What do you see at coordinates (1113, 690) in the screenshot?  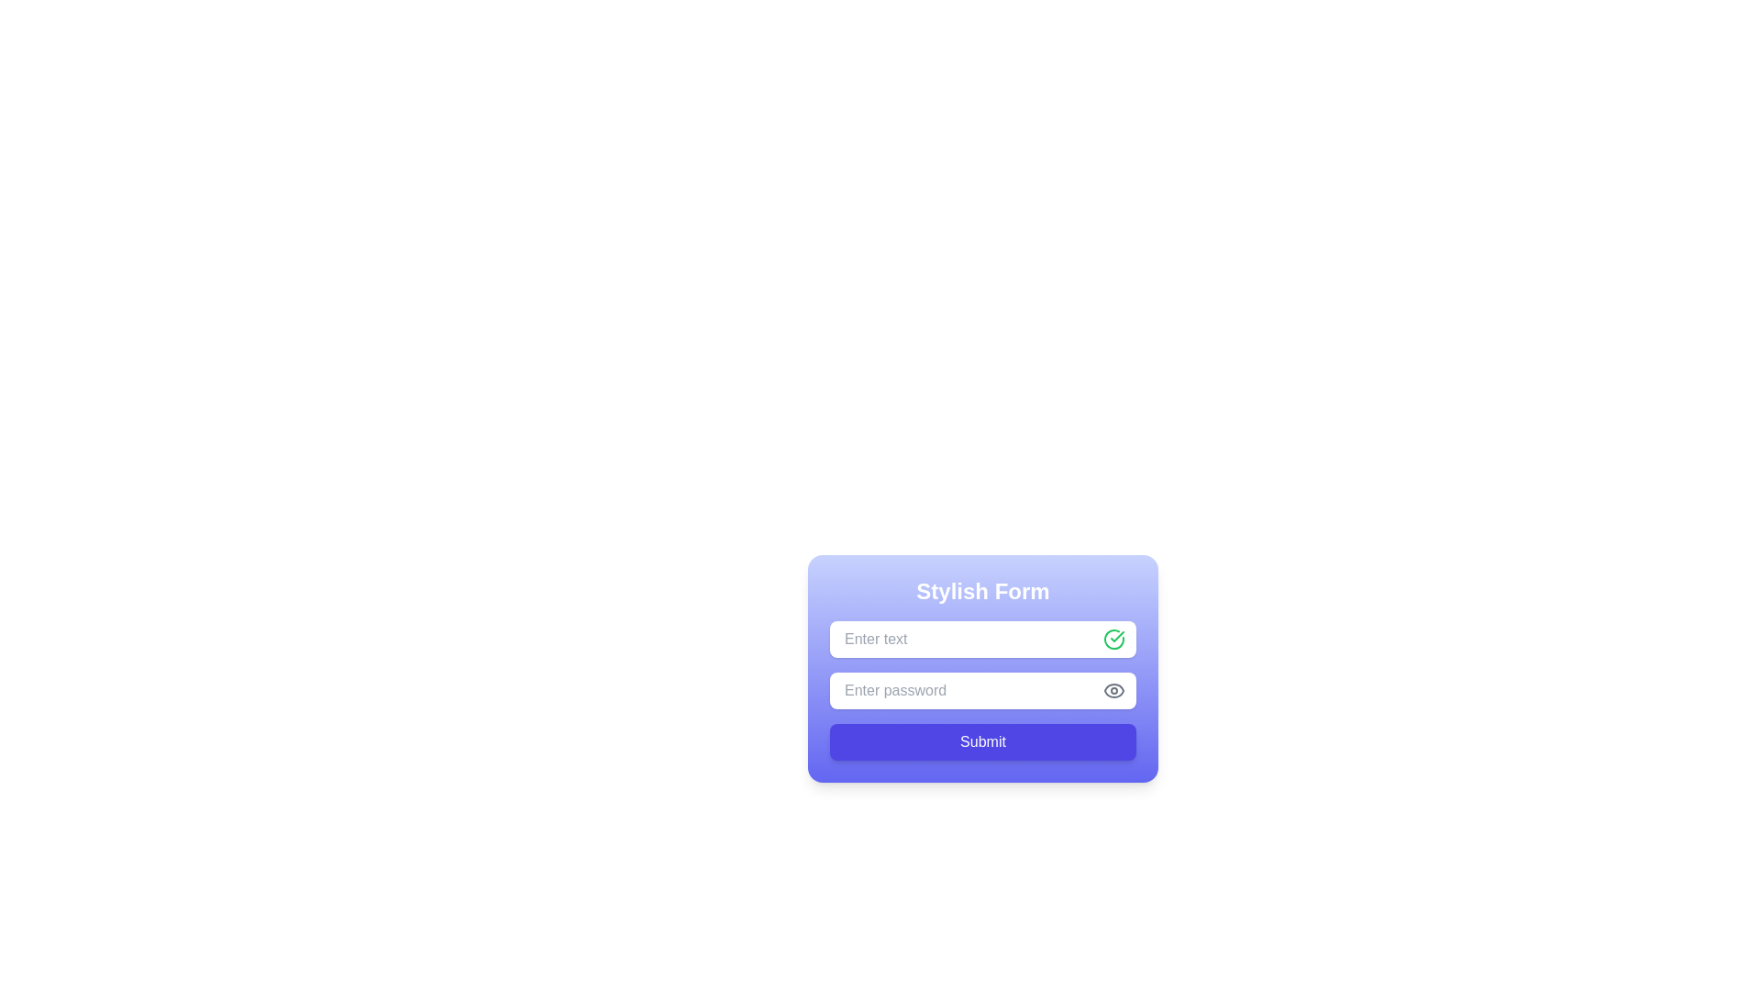 I see `the eye icon within the password input field` at bounding box center [1113, 690].